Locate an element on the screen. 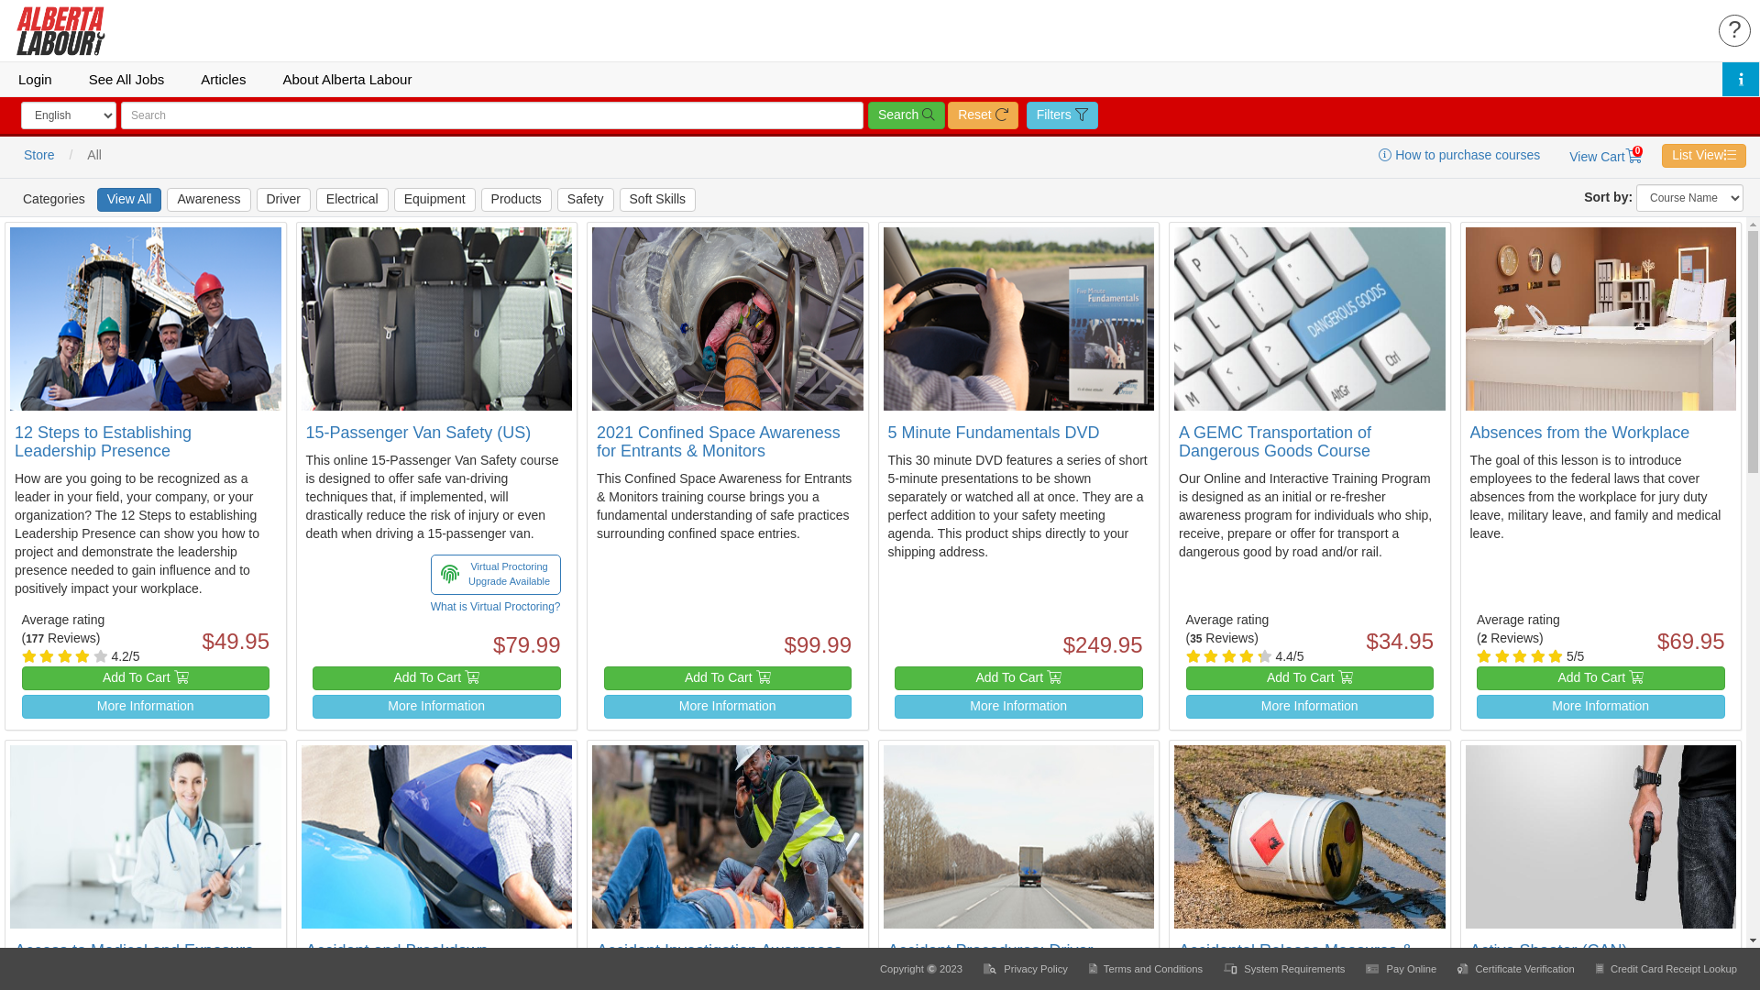 The width and height of the screenshot is (1760, 990). 'Active Shooter (CAN)' is located at coordinates (1547, 950).